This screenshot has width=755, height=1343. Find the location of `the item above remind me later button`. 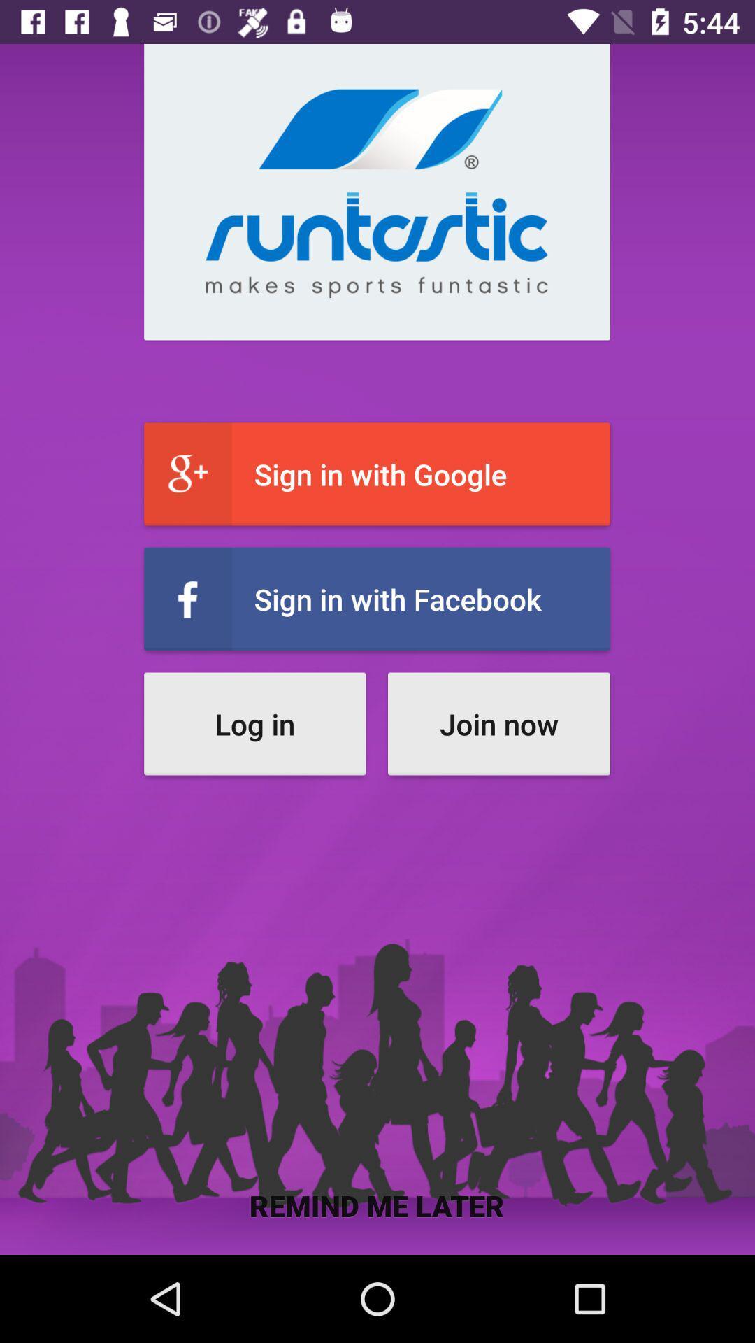

the item above remind me later button is located at coordinates (498, 724).